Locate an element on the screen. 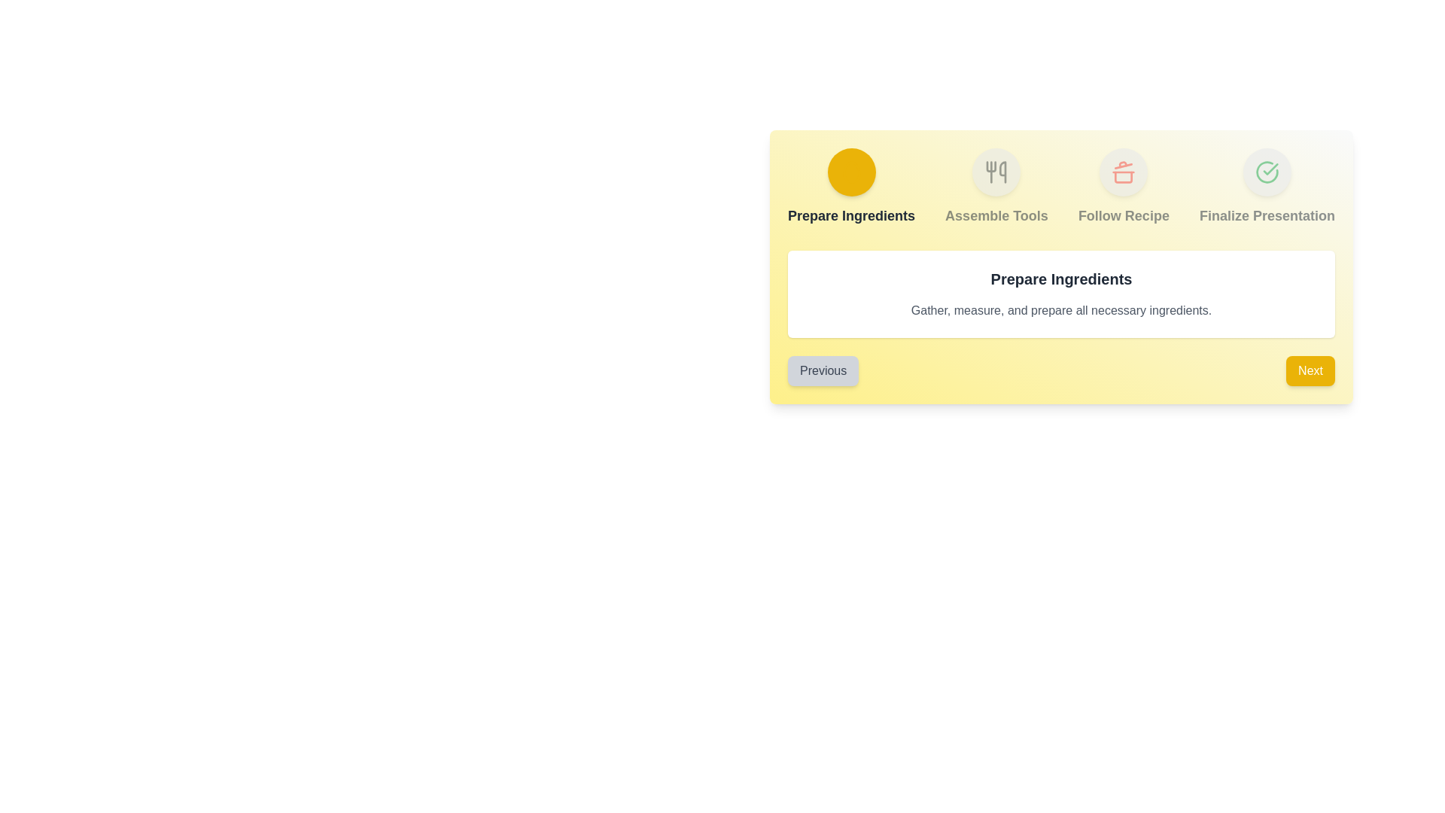  the icon representing assembling tools or utensils, which is centrally located within a circular, shadowed button in the toolbar and is the second button from the left is located at coordinates (996, 171).